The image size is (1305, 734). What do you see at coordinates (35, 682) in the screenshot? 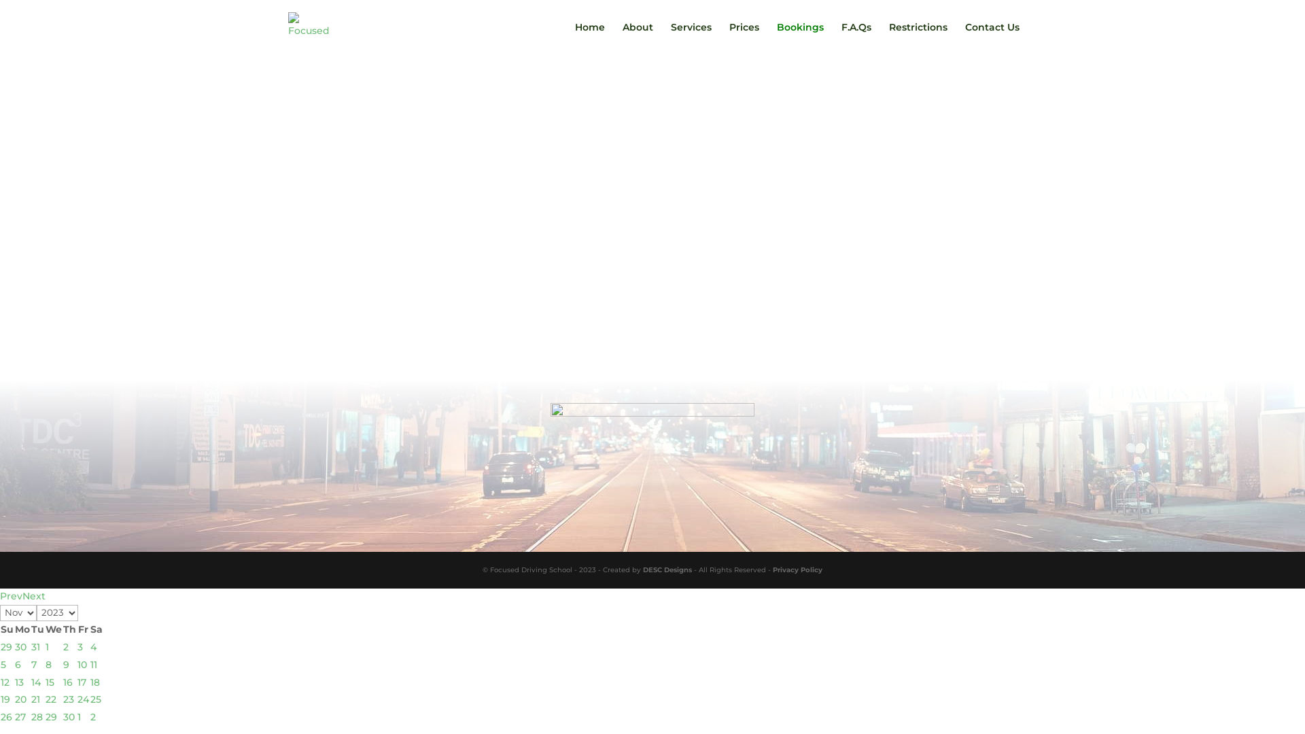
I see `'14'` at bounding box center [35, 682].